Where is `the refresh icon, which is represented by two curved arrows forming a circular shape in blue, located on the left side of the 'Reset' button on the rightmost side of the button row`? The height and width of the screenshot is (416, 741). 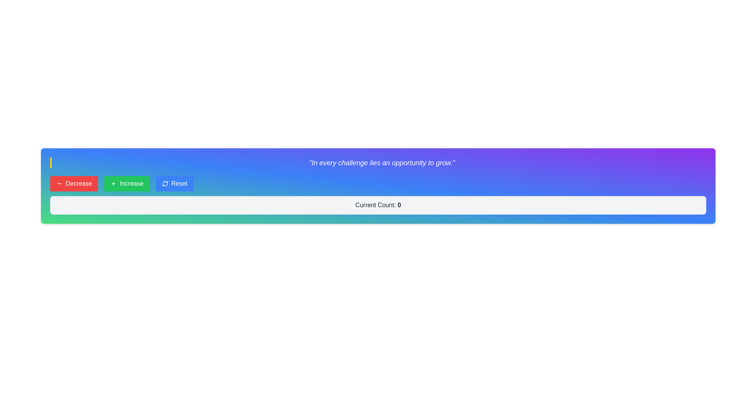 the refresh icon, which is represented by two curved arrows forming a circular shape in blue, located on the left side of the 'Reset' button on the rightmost side of the button row is located at coordinates (164, 184).